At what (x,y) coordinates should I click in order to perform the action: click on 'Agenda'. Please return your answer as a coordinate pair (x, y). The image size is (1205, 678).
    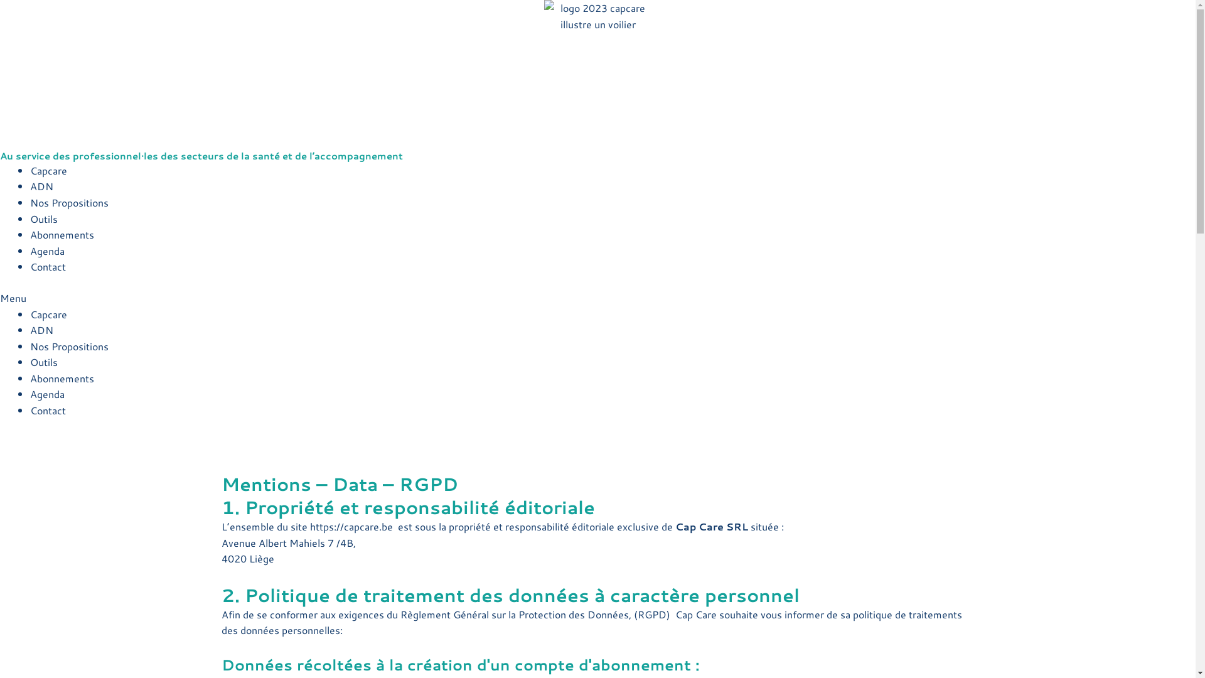
    Looking at the image, I should click on (30, 393).